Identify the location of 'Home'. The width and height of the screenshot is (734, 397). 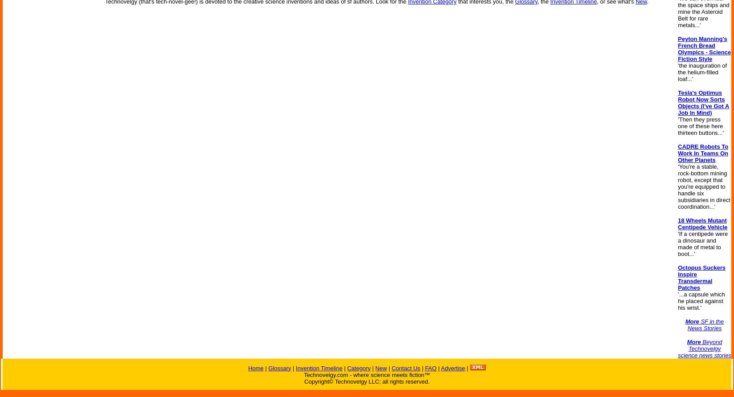
(247, 367).